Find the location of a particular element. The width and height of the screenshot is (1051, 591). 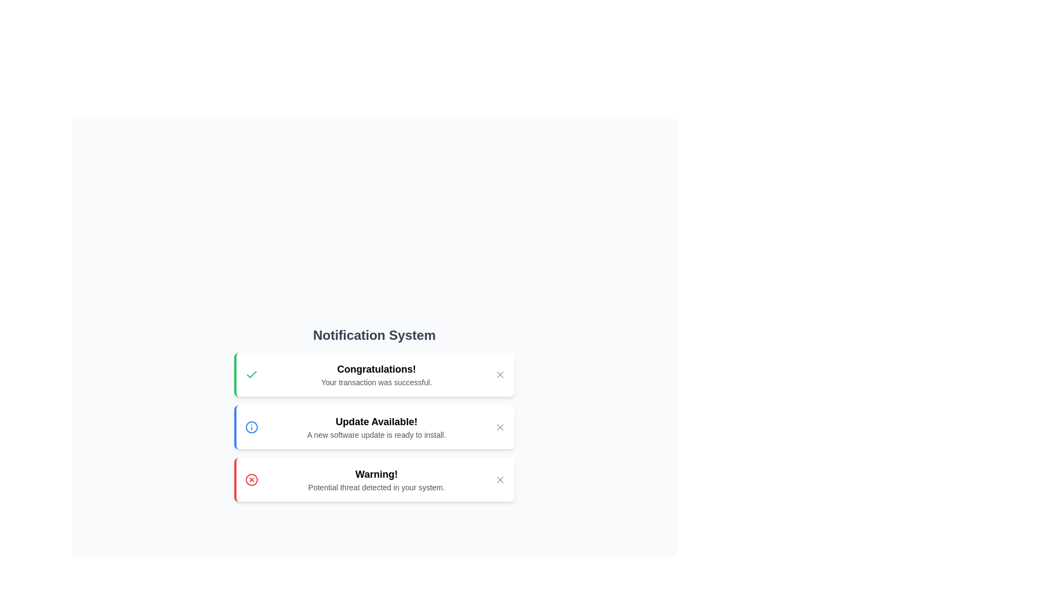

the text label displaying 'Your transaction was successful.' which is positioned below the bold title 'Congratulations!' in the notification area is located at coordinates (376, 381).